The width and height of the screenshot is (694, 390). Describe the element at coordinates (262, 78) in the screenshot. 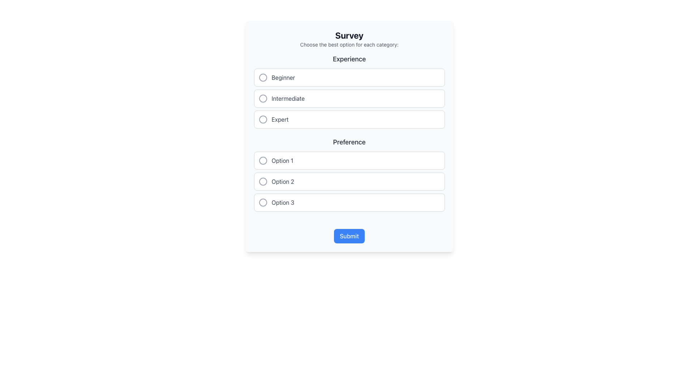

I see `the radio button marker for the 'Beginner' option in the 'Experience' section of the survey interface` at that location.